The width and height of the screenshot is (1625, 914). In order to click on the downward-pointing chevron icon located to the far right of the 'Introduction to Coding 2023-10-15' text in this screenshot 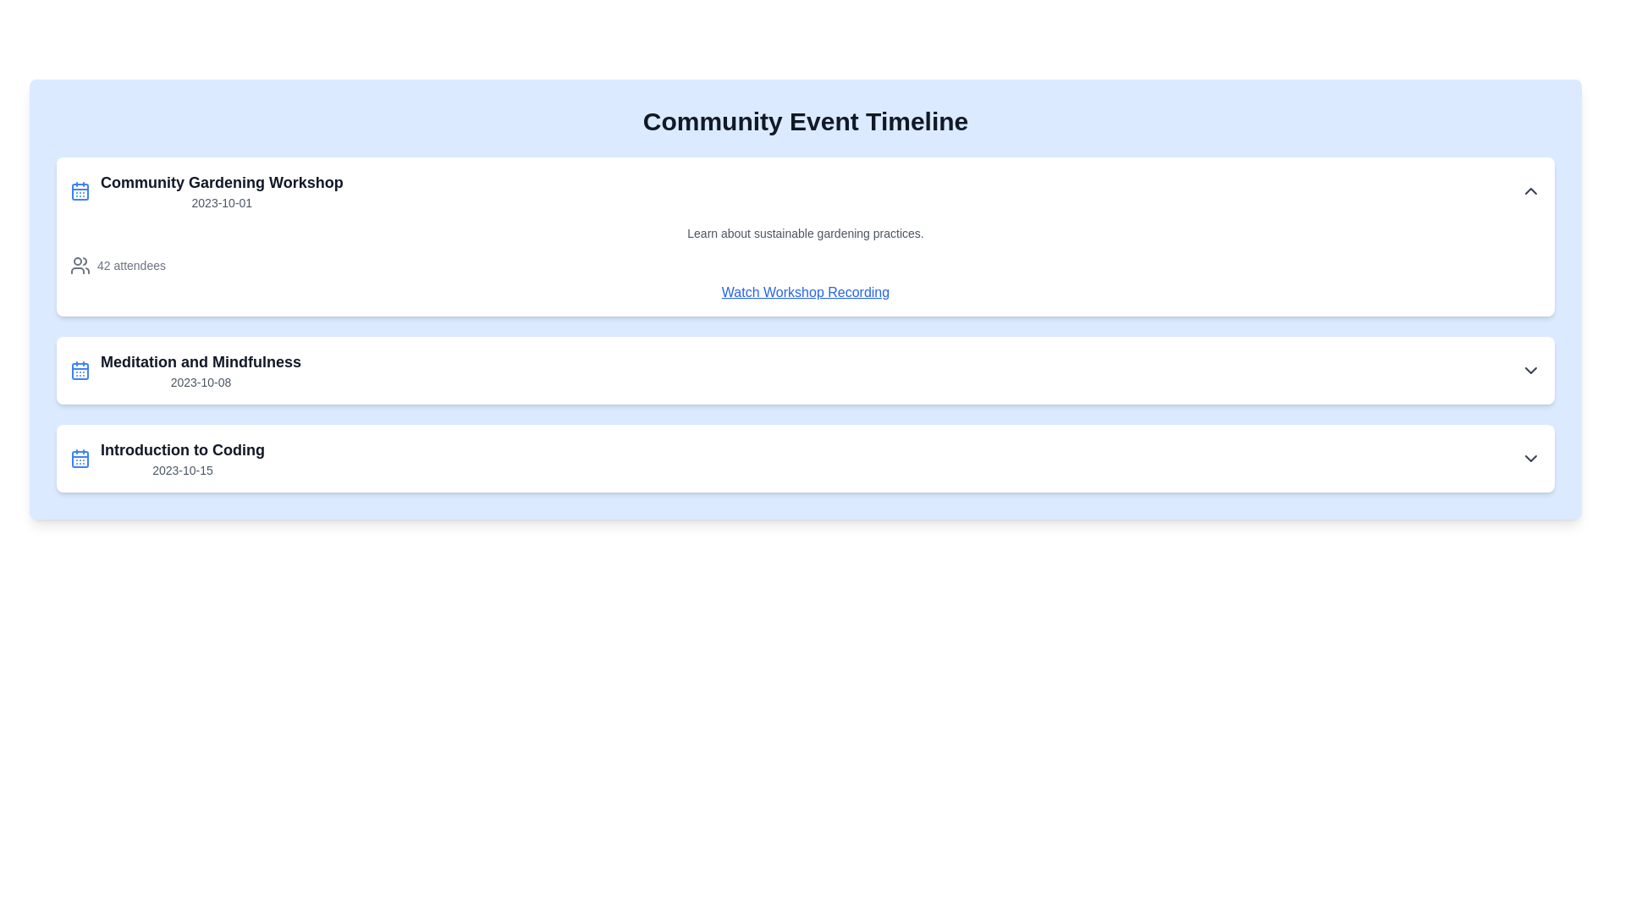, I will do `click(1531, 459)`.